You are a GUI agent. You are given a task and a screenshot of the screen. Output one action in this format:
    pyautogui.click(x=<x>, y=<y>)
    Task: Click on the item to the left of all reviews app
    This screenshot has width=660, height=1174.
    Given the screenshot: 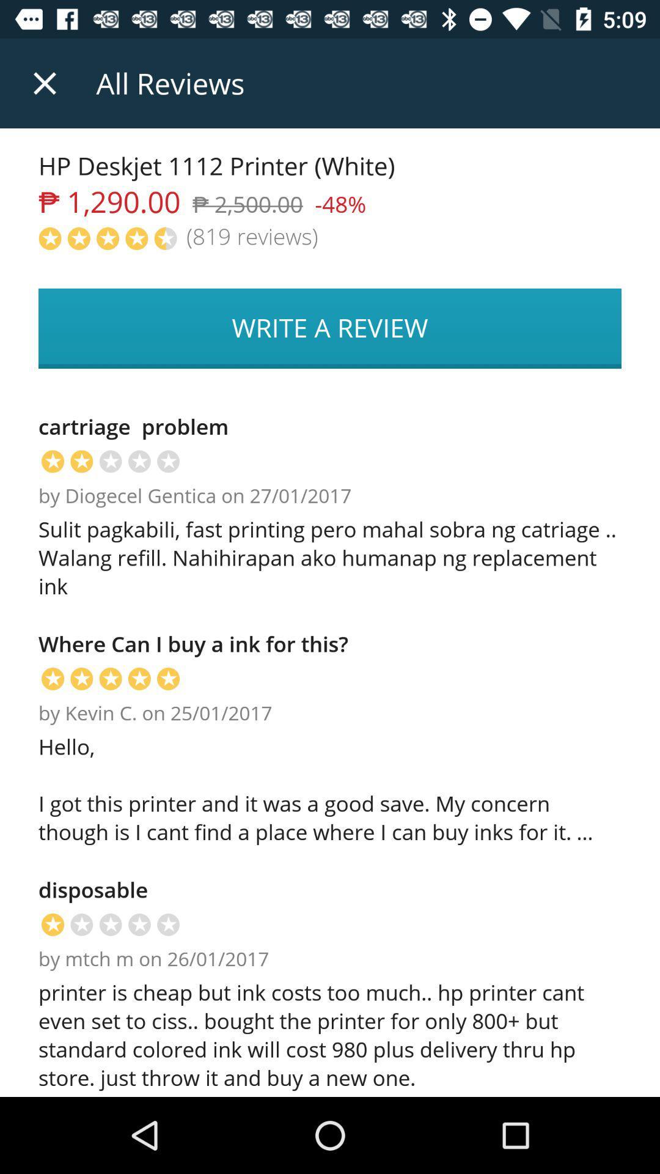 What is the action you would take?
    pyautogui.click(x=44, y=83)
    